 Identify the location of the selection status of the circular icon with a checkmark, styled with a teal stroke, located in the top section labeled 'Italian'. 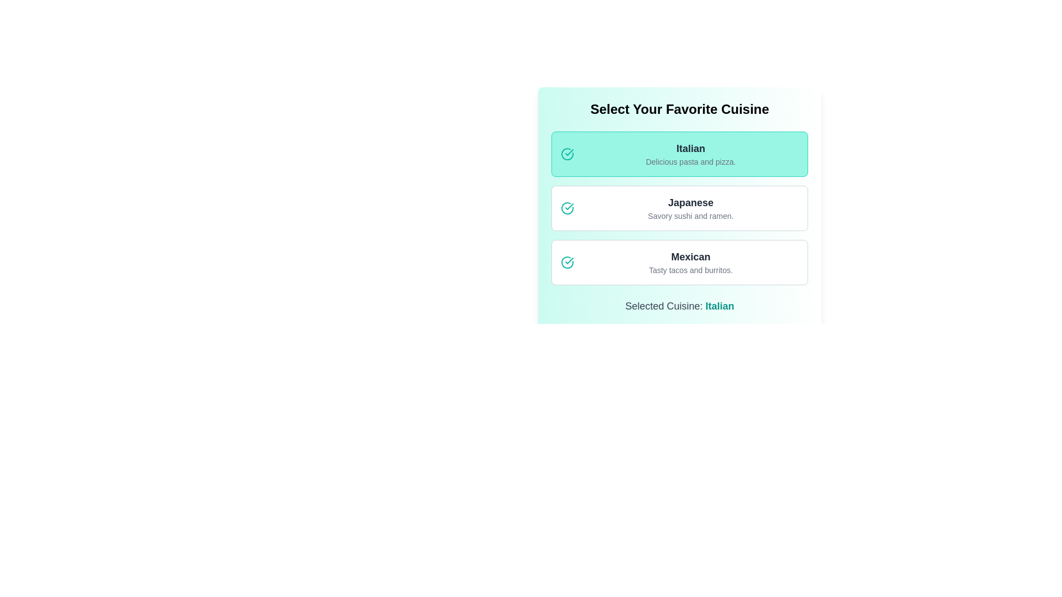
(568, 154).